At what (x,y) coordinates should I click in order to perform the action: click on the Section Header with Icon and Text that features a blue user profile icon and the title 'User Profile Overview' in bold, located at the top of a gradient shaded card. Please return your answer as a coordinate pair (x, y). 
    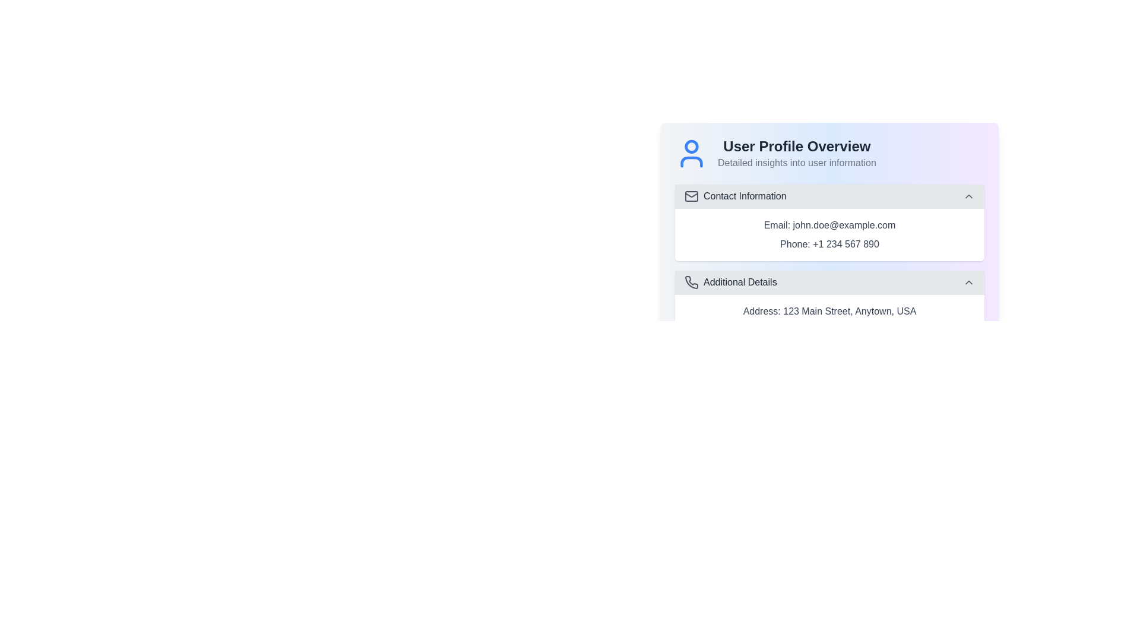
    Looking at the image, I should click on (829, 153).